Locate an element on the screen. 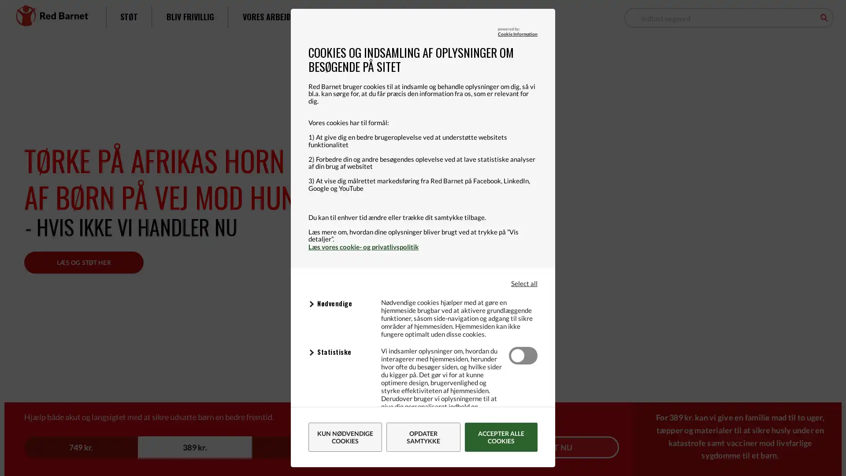 The image size is (846, 476). Kun ndvendige cookies is located at coordinates (345, 437).